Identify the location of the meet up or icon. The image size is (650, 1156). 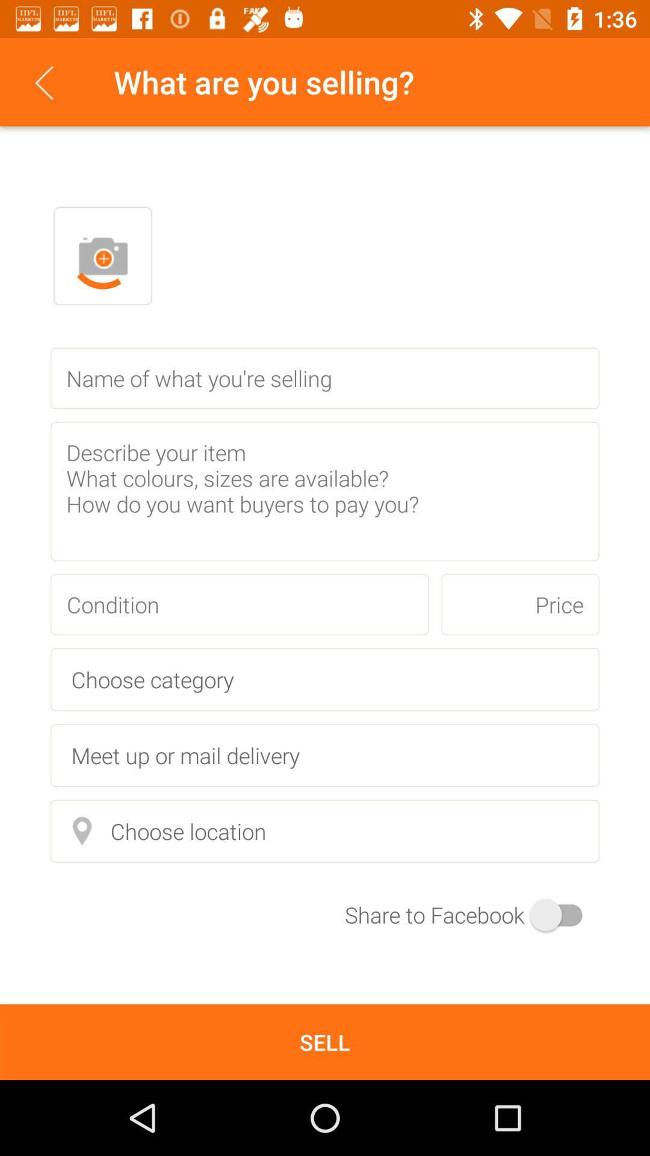
(325, 754).